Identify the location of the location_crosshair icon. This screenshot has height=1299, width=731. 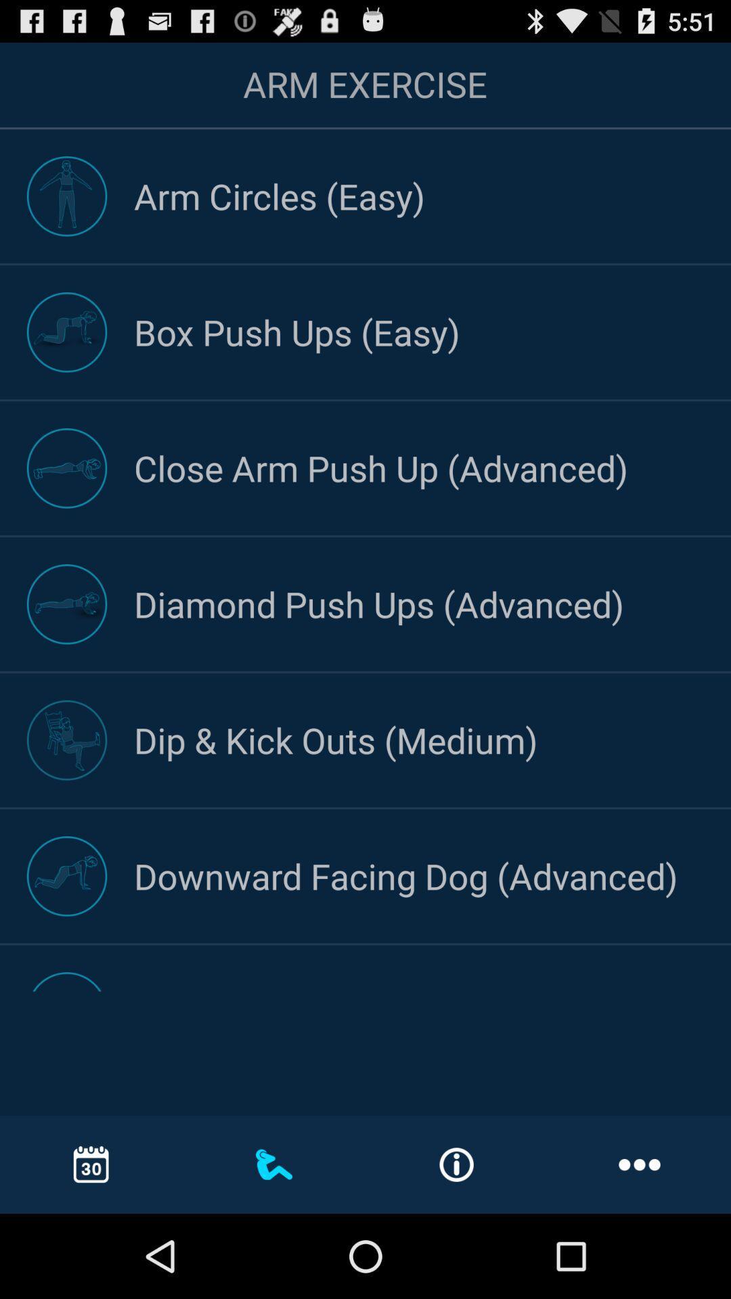
(307, 610).